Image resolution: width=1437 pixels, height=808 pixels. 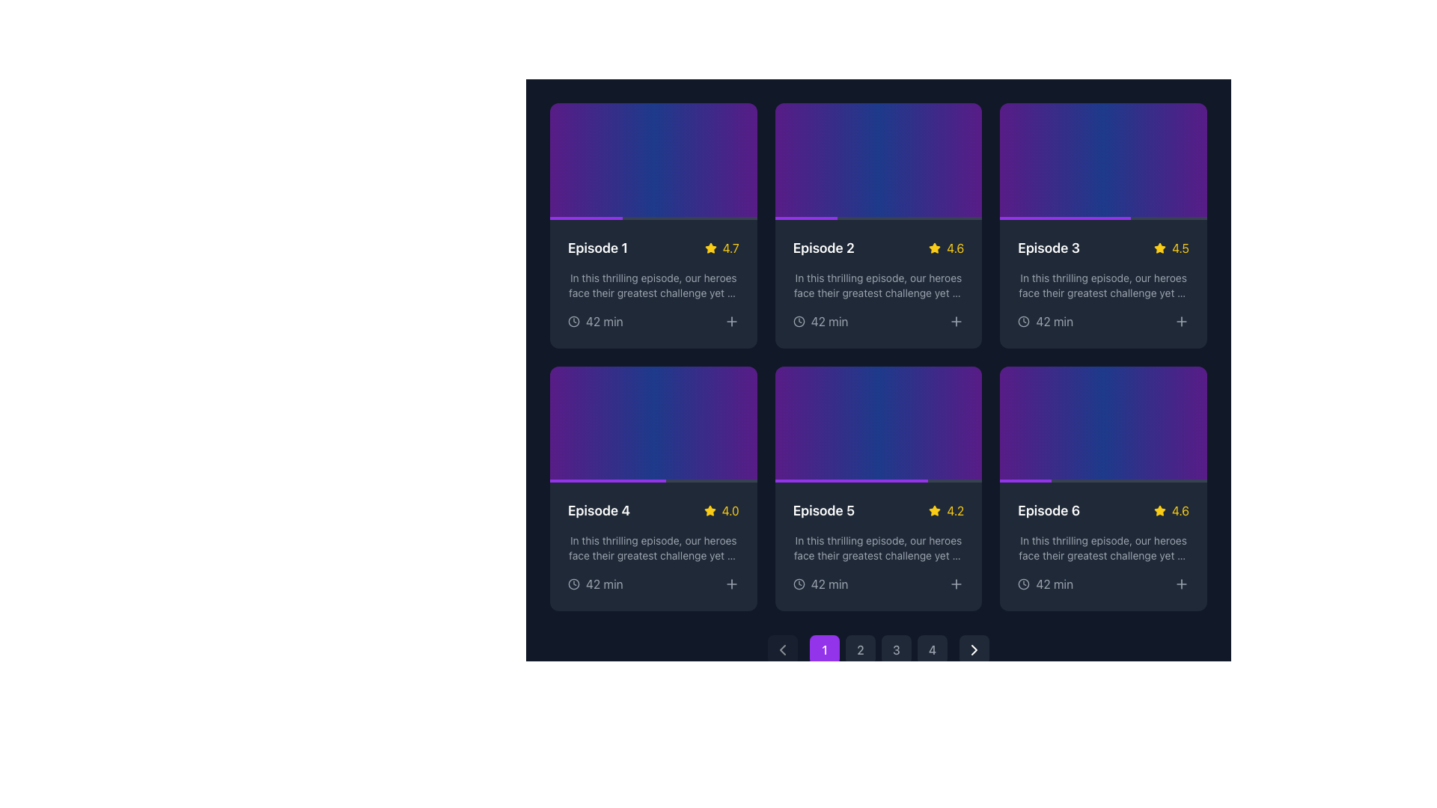 What do you see at coordinates (573, 583) in the screenshot?
I see `the Icon that visually indicates the duration of Episode 4, labeled '42 min', located at the bottom left of the Episode 4 card` at bounding box center [573, 583].